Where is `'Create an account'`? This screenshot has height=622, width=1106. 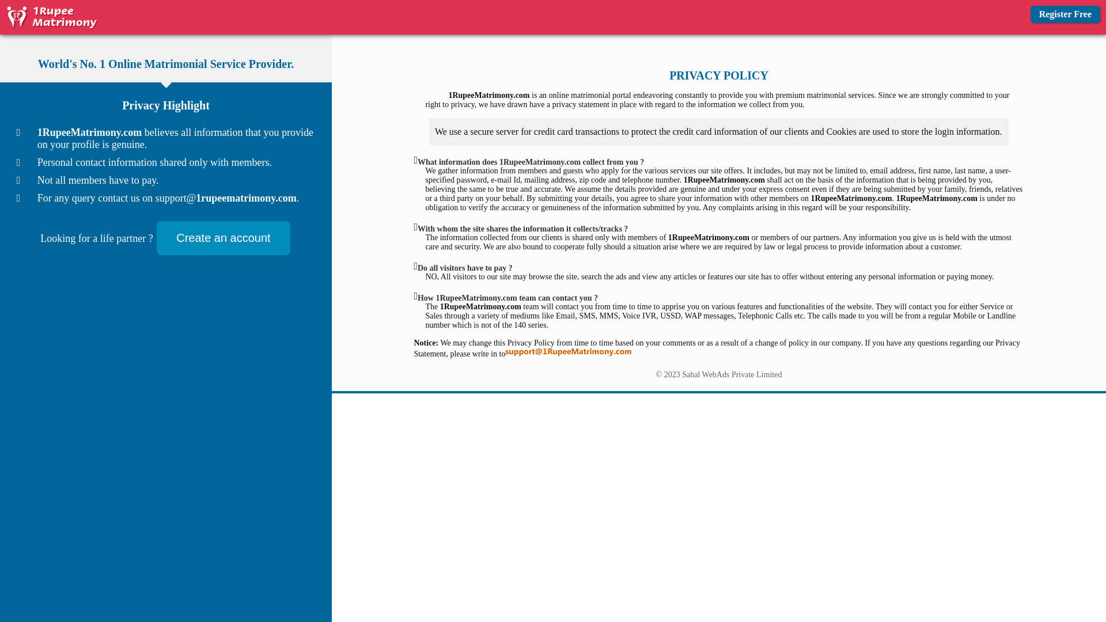
'Create an account' is located at coordinates (223, 237).